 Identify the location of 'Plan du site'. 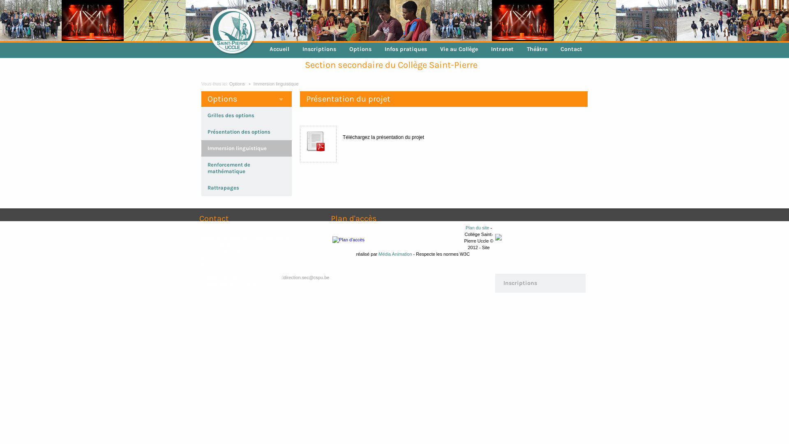
(477, 228).